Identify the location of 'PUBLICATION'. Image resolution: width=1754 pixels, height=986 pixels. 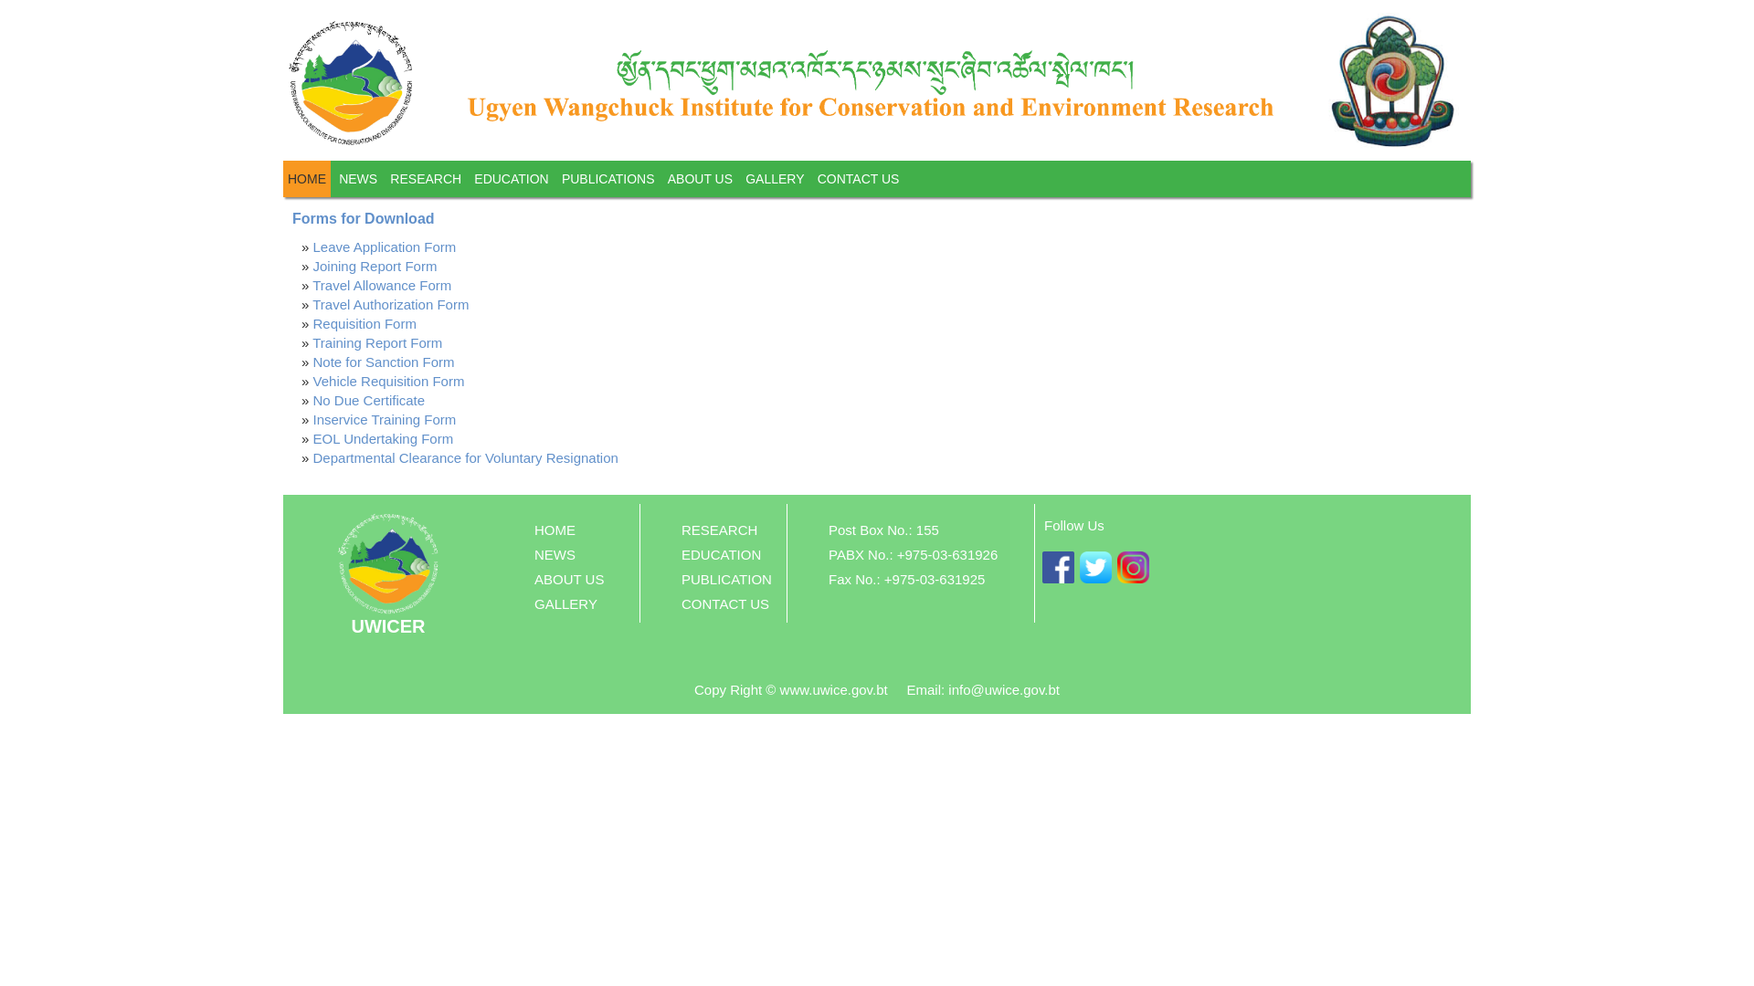
(680, 579).